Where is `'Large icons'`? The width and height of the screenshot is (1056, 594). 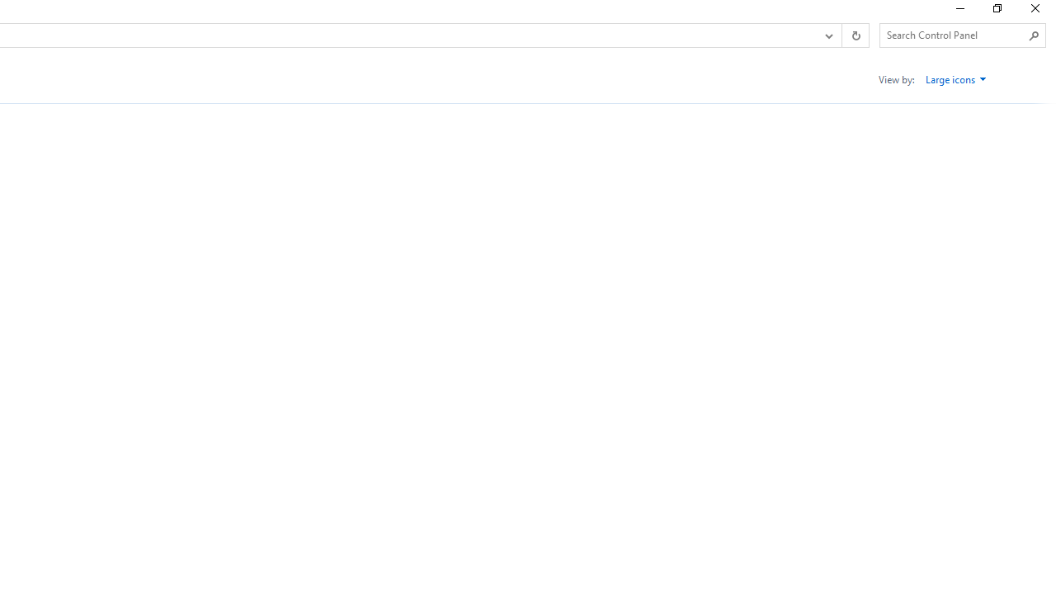 'Large icons' is located at coordinates (956, 79).